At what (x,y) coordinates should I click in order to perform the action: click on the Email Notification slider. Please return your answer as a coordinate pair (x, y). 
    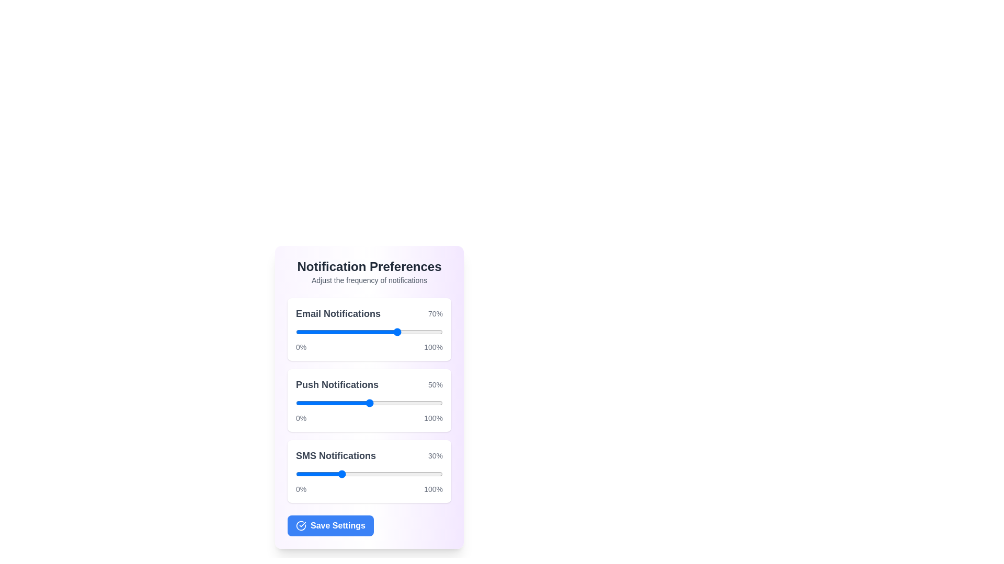
    Looking at the image, I should click on (389, 332).